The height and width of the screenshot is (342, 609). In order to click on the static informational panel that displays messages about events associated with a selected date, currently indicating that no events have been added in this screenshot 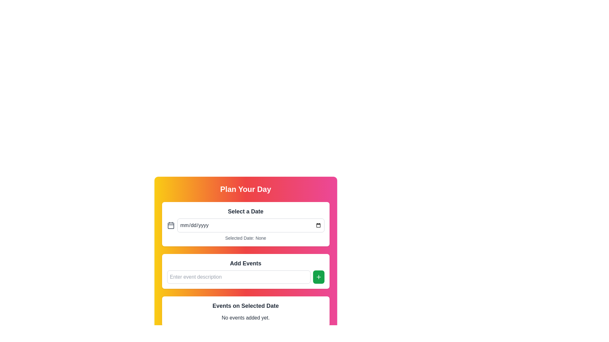, I will do `click(245, 311)`.